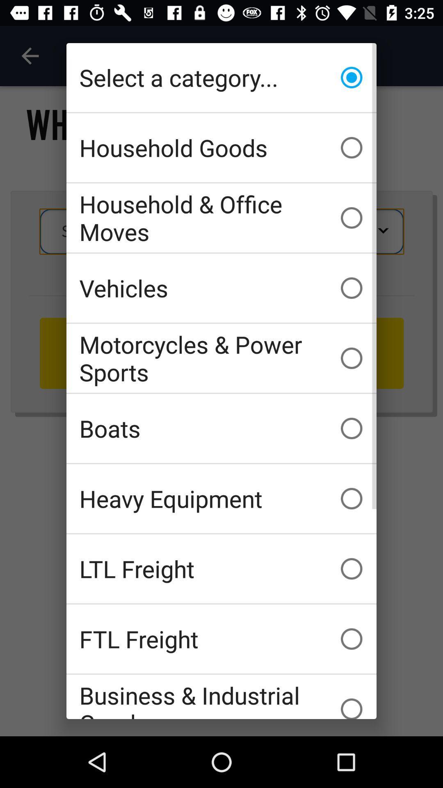  Describe the element at coordinates (221, 428) in the screenshot. I see `boats` at that location.